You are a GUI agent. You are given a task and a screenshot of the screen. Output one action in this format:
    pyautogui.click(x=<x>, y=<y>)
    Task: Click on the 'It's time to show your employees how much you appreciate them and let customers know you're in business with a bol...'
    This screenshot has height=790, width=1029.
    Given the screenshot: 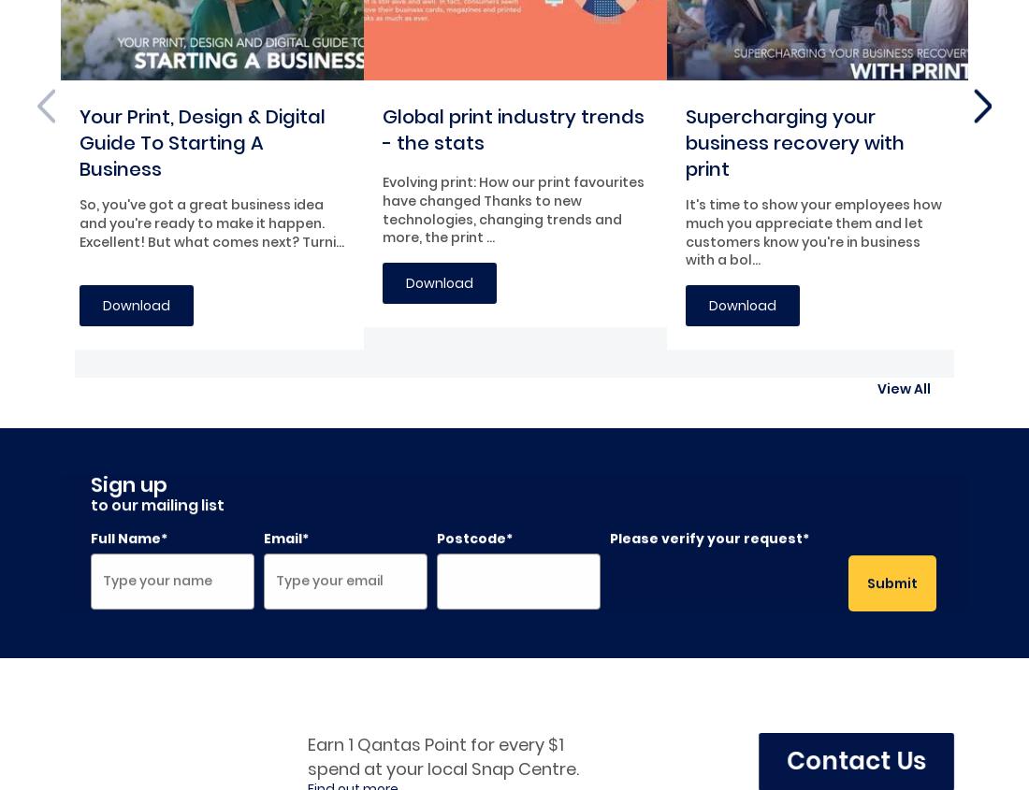 What is the action you would take?
    pyautogui.click(x=685, y=231)
    